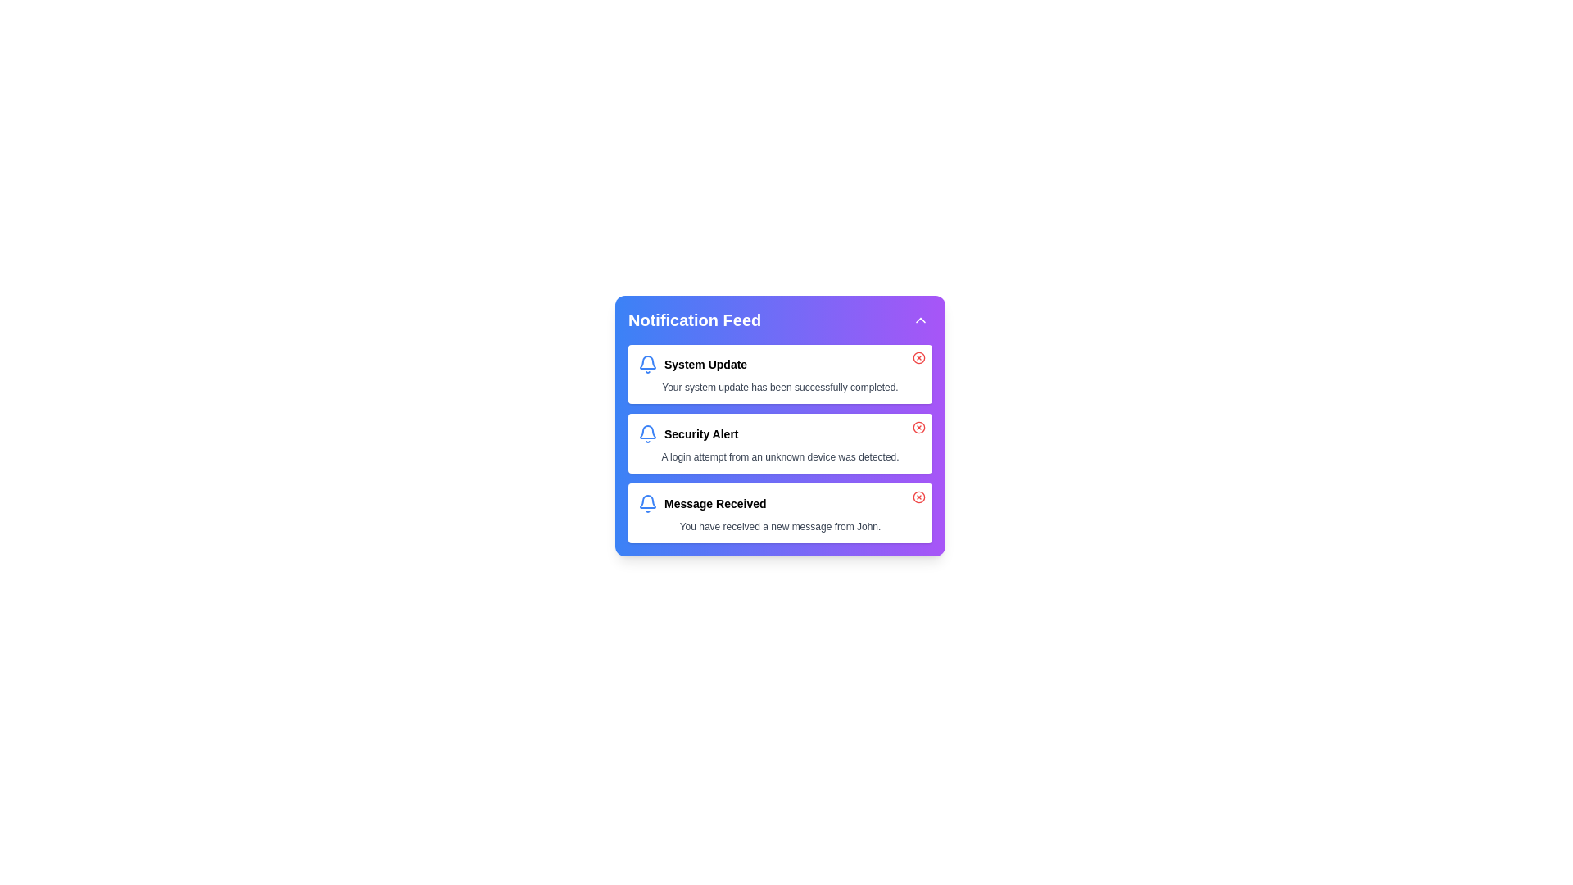  What do you see at coordinates (779, 527) in the screenshot?
I see `the static text display that informs the user about a new message received, which is positioned below the 'Message Received' text` at bounding box center [779, 527].